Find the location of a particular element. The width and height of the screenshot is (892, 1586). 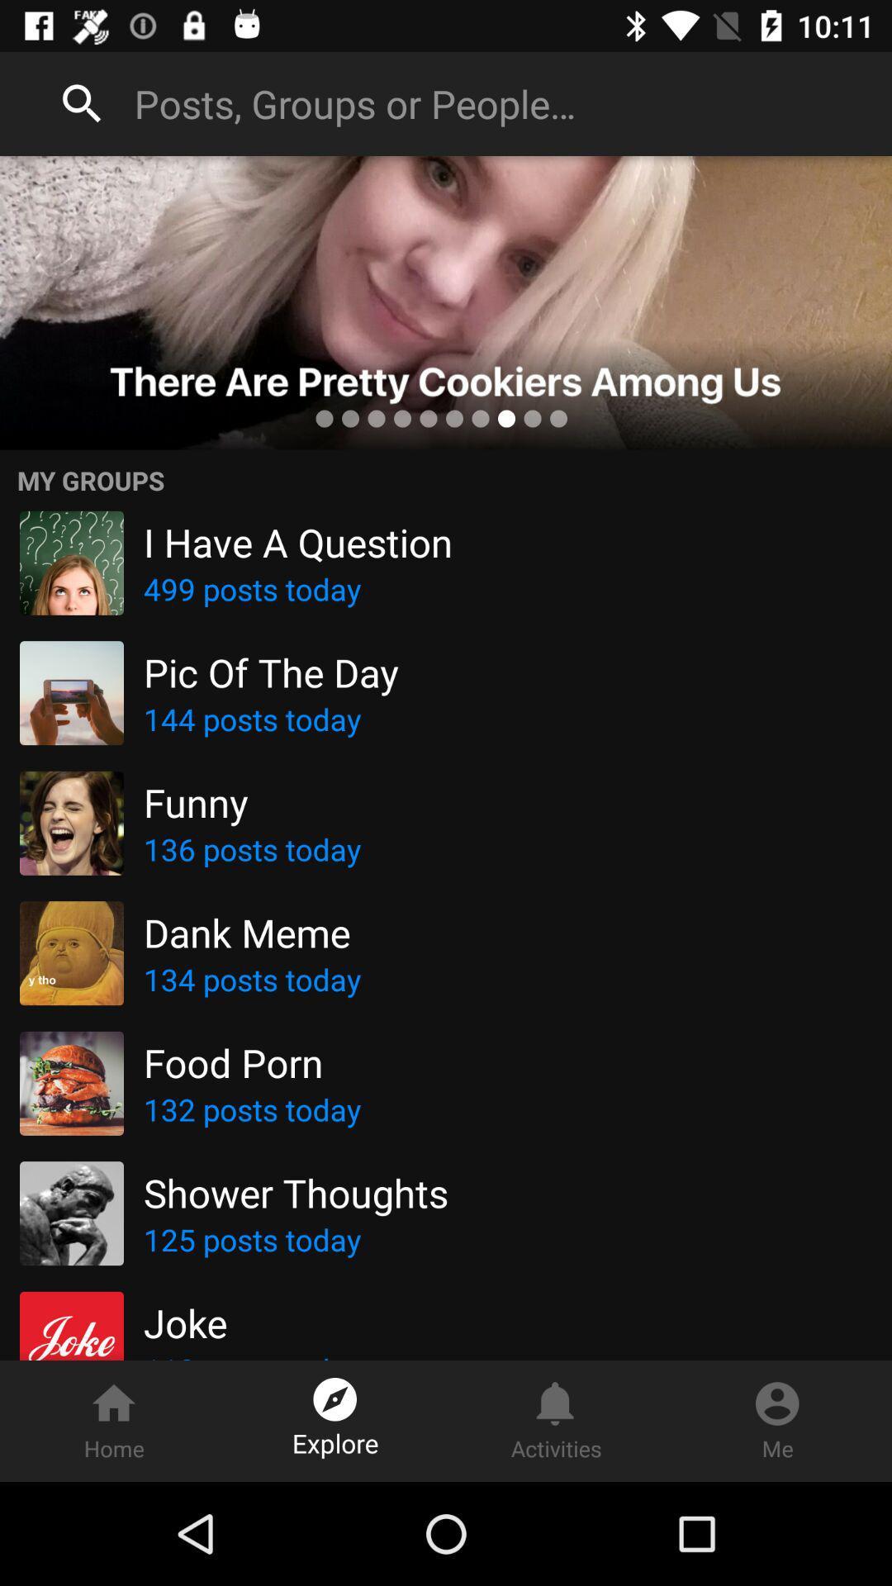

sixth image from bottom is located at coordinates (71, 693).